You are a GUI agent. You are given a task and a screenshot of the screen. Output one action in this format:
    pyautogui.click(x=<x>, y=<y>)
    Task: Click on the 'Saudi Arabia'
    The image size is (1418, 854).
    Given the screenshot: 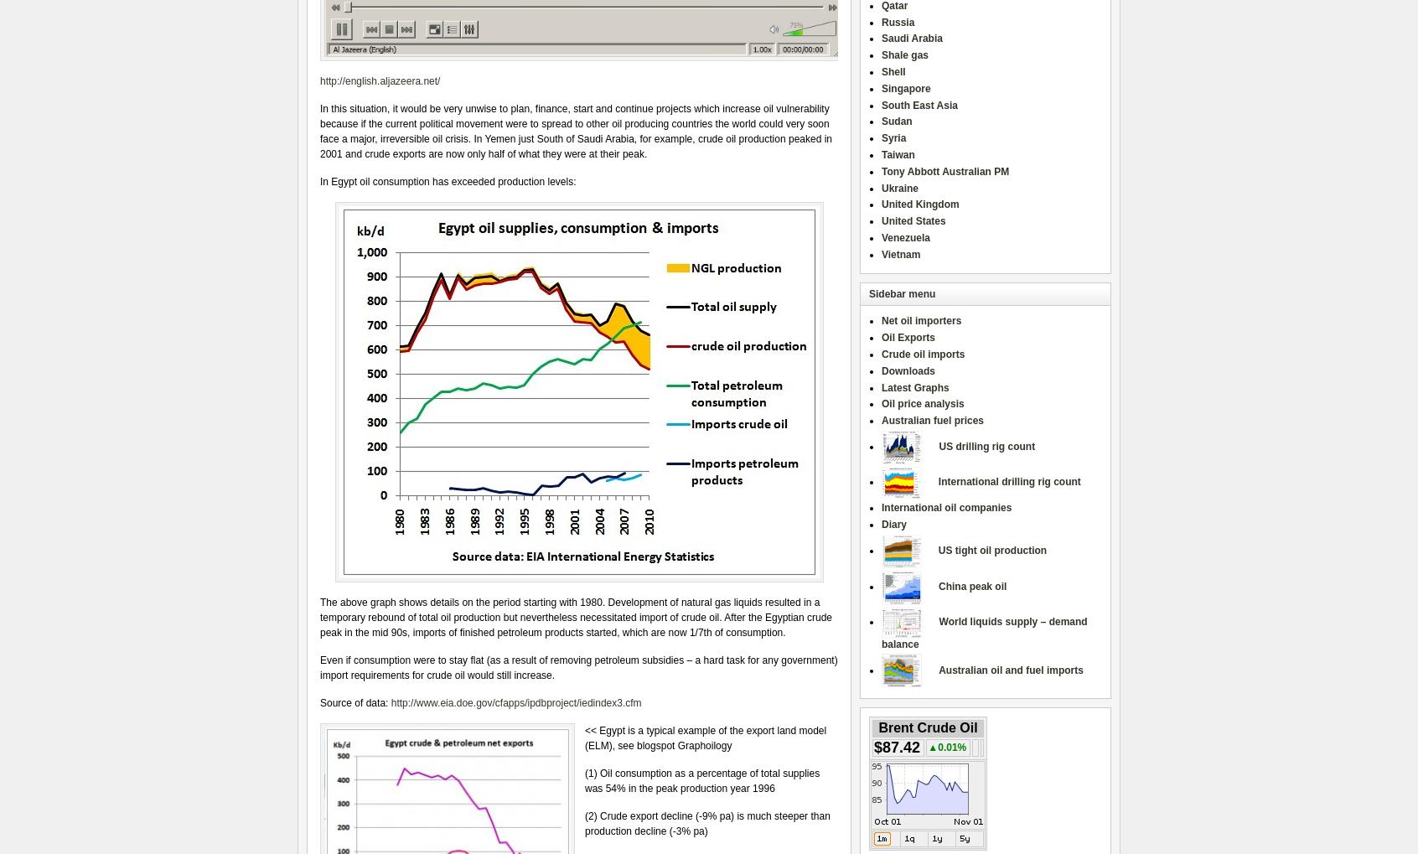 What is the action you would take?
    pyautogui.click(x=911, y=37)
    